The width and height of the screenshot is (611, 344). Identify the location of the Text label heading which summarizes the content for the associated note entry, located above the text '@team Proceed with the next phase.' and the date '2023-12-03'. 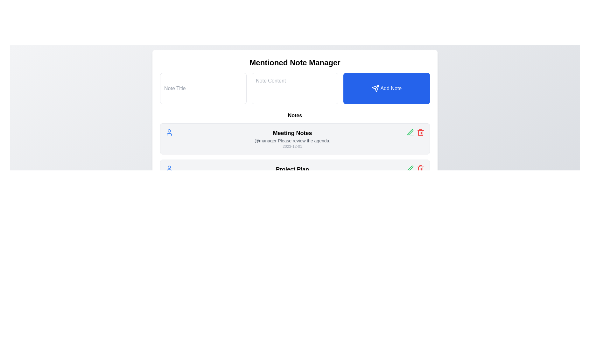
(292, 169).